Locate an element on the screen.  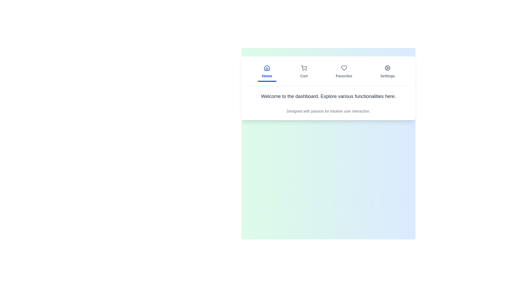
the 'Favorites' text label in the navigation bar is located at coordinates (344, 76).